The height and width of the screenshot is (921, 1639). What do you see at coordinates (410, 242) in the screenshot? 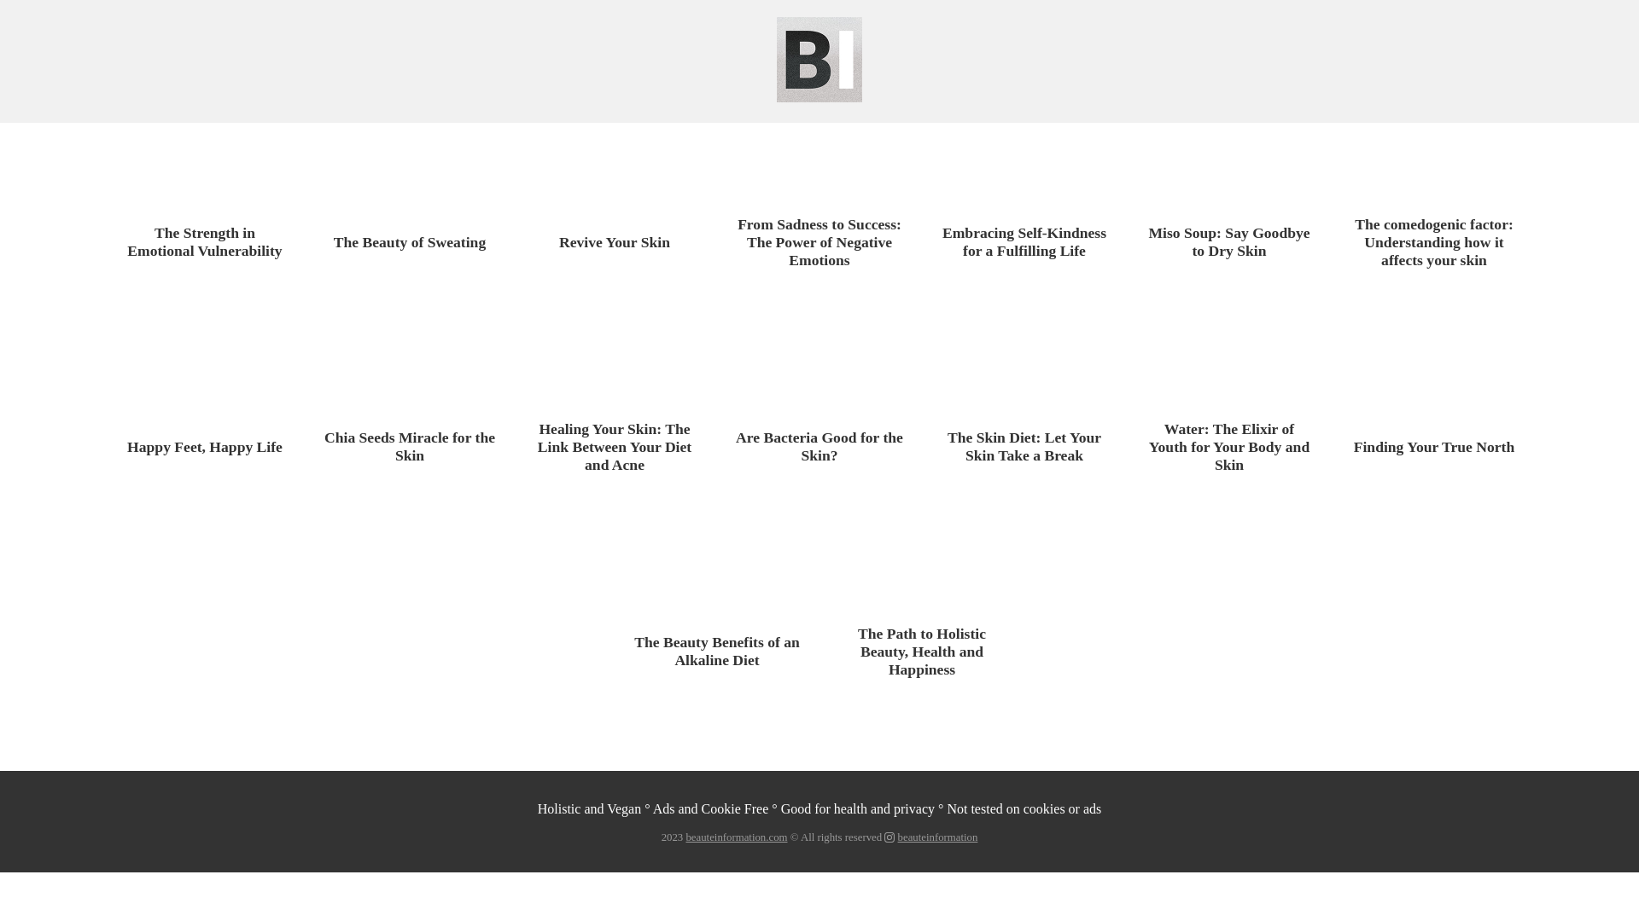
I see `'The Beauty of Sweating'` at bounding box center [410, 242].